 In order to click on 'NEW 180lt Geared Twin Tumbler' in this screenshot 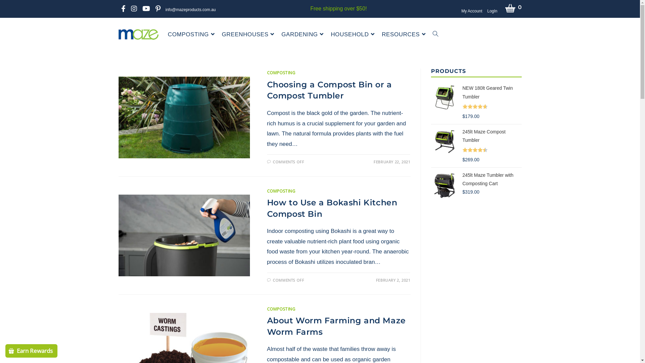, I will do `click(492, 93)`.